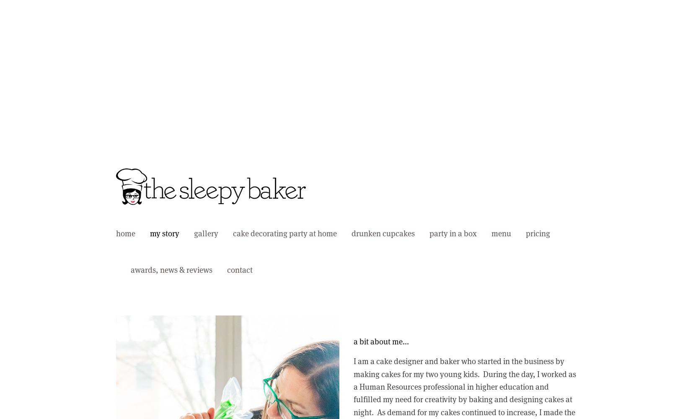  Describe the element at coordinates (206, 233) in the screenshot. I see `'gallery'` at that location.